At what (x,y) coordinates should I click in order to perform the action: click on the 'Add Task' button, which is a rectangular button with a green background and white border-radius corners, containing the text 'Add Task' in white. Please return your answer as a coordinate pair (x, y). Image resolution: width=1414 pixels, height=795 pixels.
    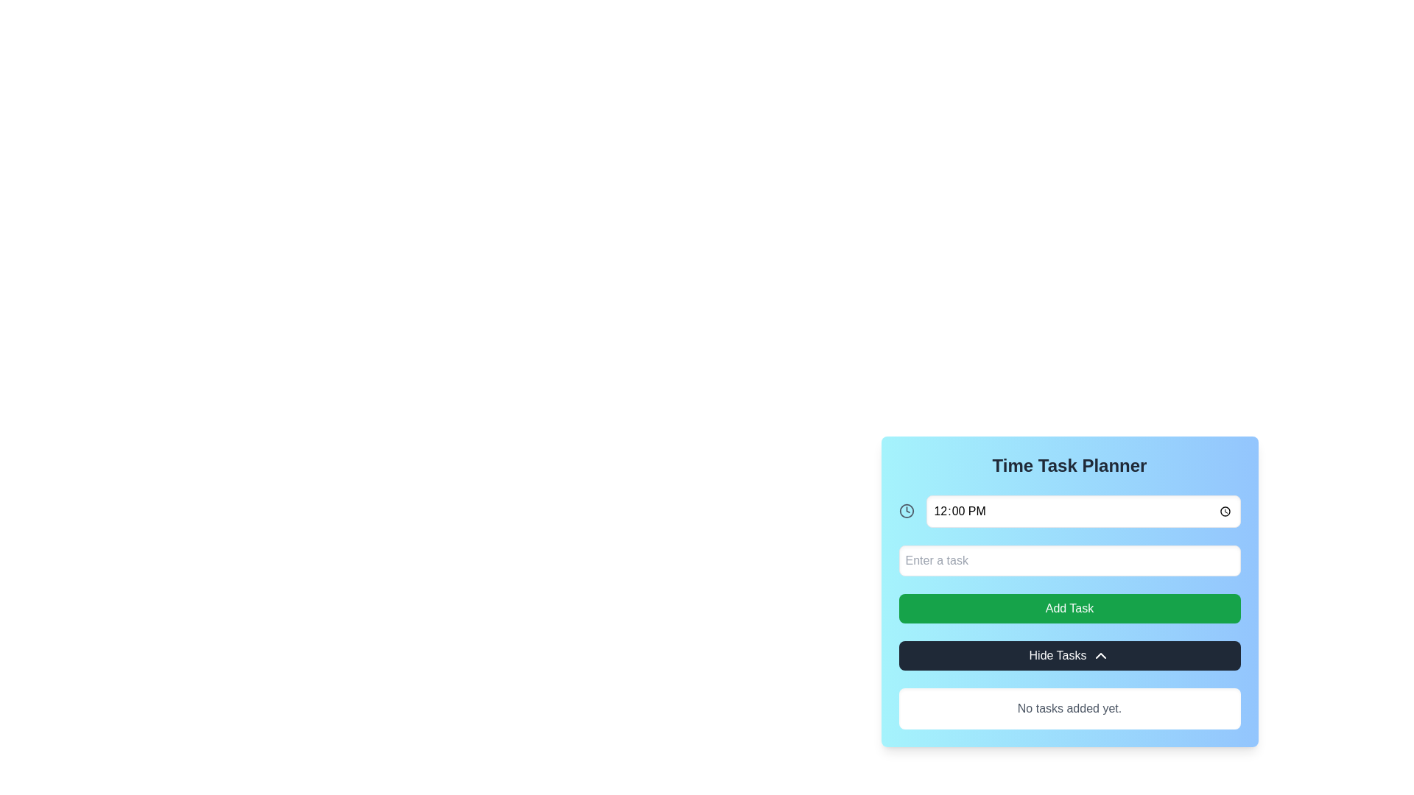
    Looking at the image, I should click on (1069, 590).